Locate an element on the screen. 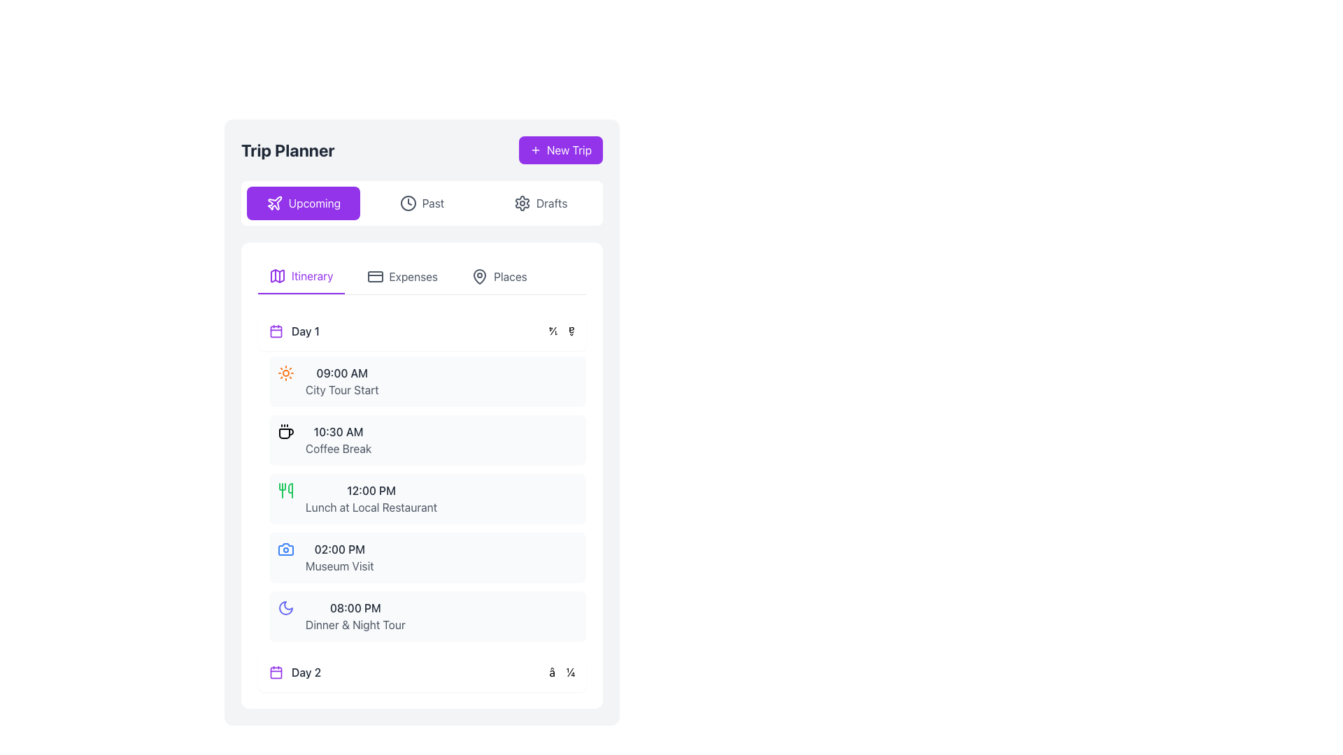  the Text Label displaying the start time of an event or activity in the itinerary, positioned above 'Dinner & Night Tour' in the bottom section of the itinerary list under Day 1 is located at coordinates (355, 607).